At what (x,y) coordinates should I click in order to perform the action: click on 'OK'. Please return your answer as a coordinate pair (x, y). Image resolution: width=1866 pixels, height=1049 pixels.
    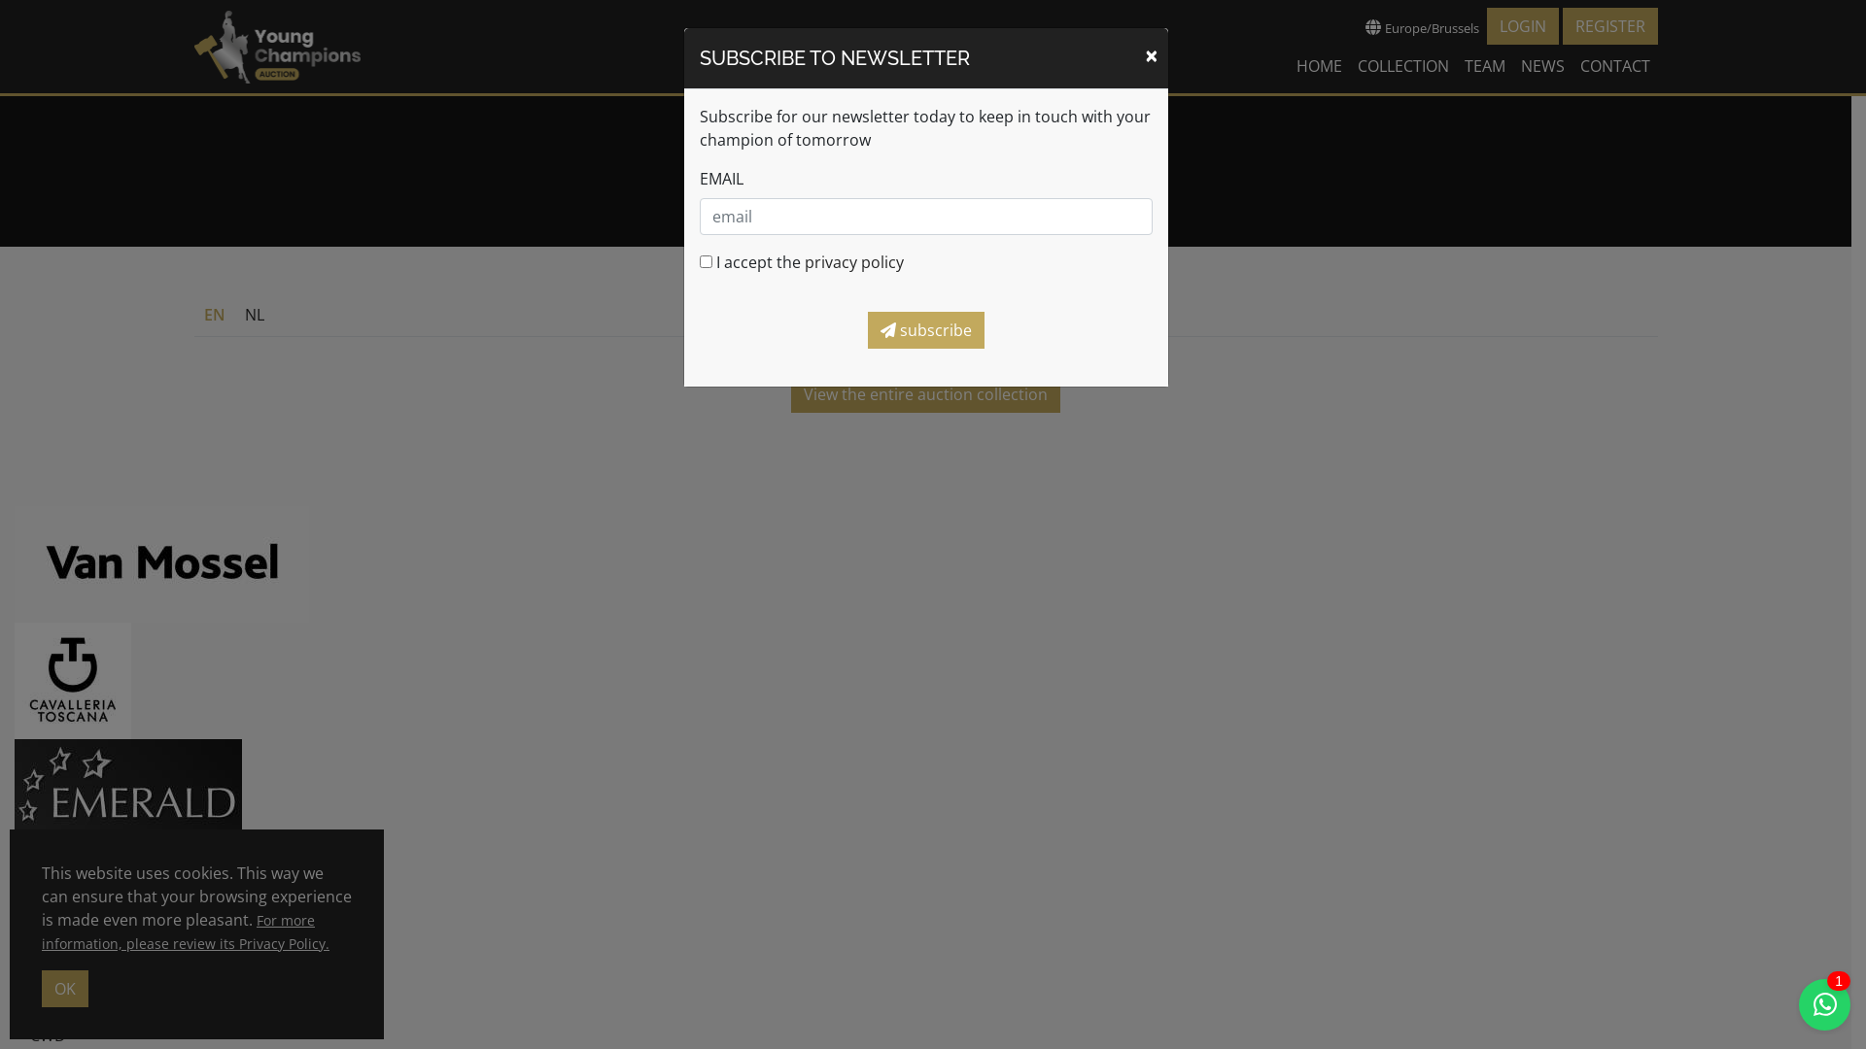
    Looking at the image, I should click on (65, 989).